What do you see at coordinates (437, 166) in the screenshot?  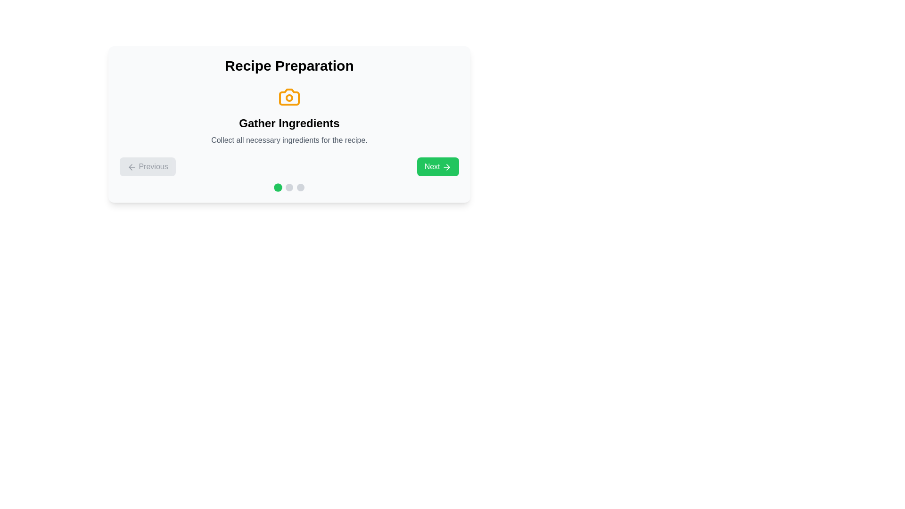 I see `the rectangular green 'Next' button with white text and a right-pointing arrow icon` at bounding box center [437, 166].